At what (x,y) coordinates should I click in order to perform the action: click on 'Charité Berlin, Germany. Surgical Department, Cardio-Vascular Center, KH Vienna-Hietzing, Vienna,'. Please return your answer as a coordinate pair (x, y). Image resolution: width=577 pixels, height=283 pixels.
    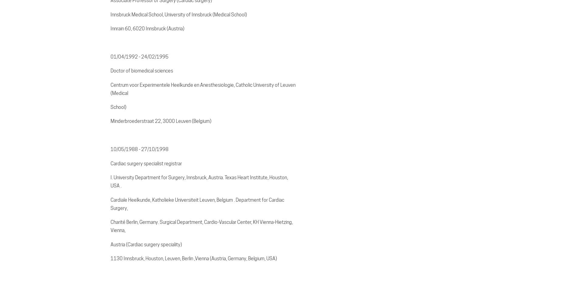
    Looking at the image, I should click on (110, 226).